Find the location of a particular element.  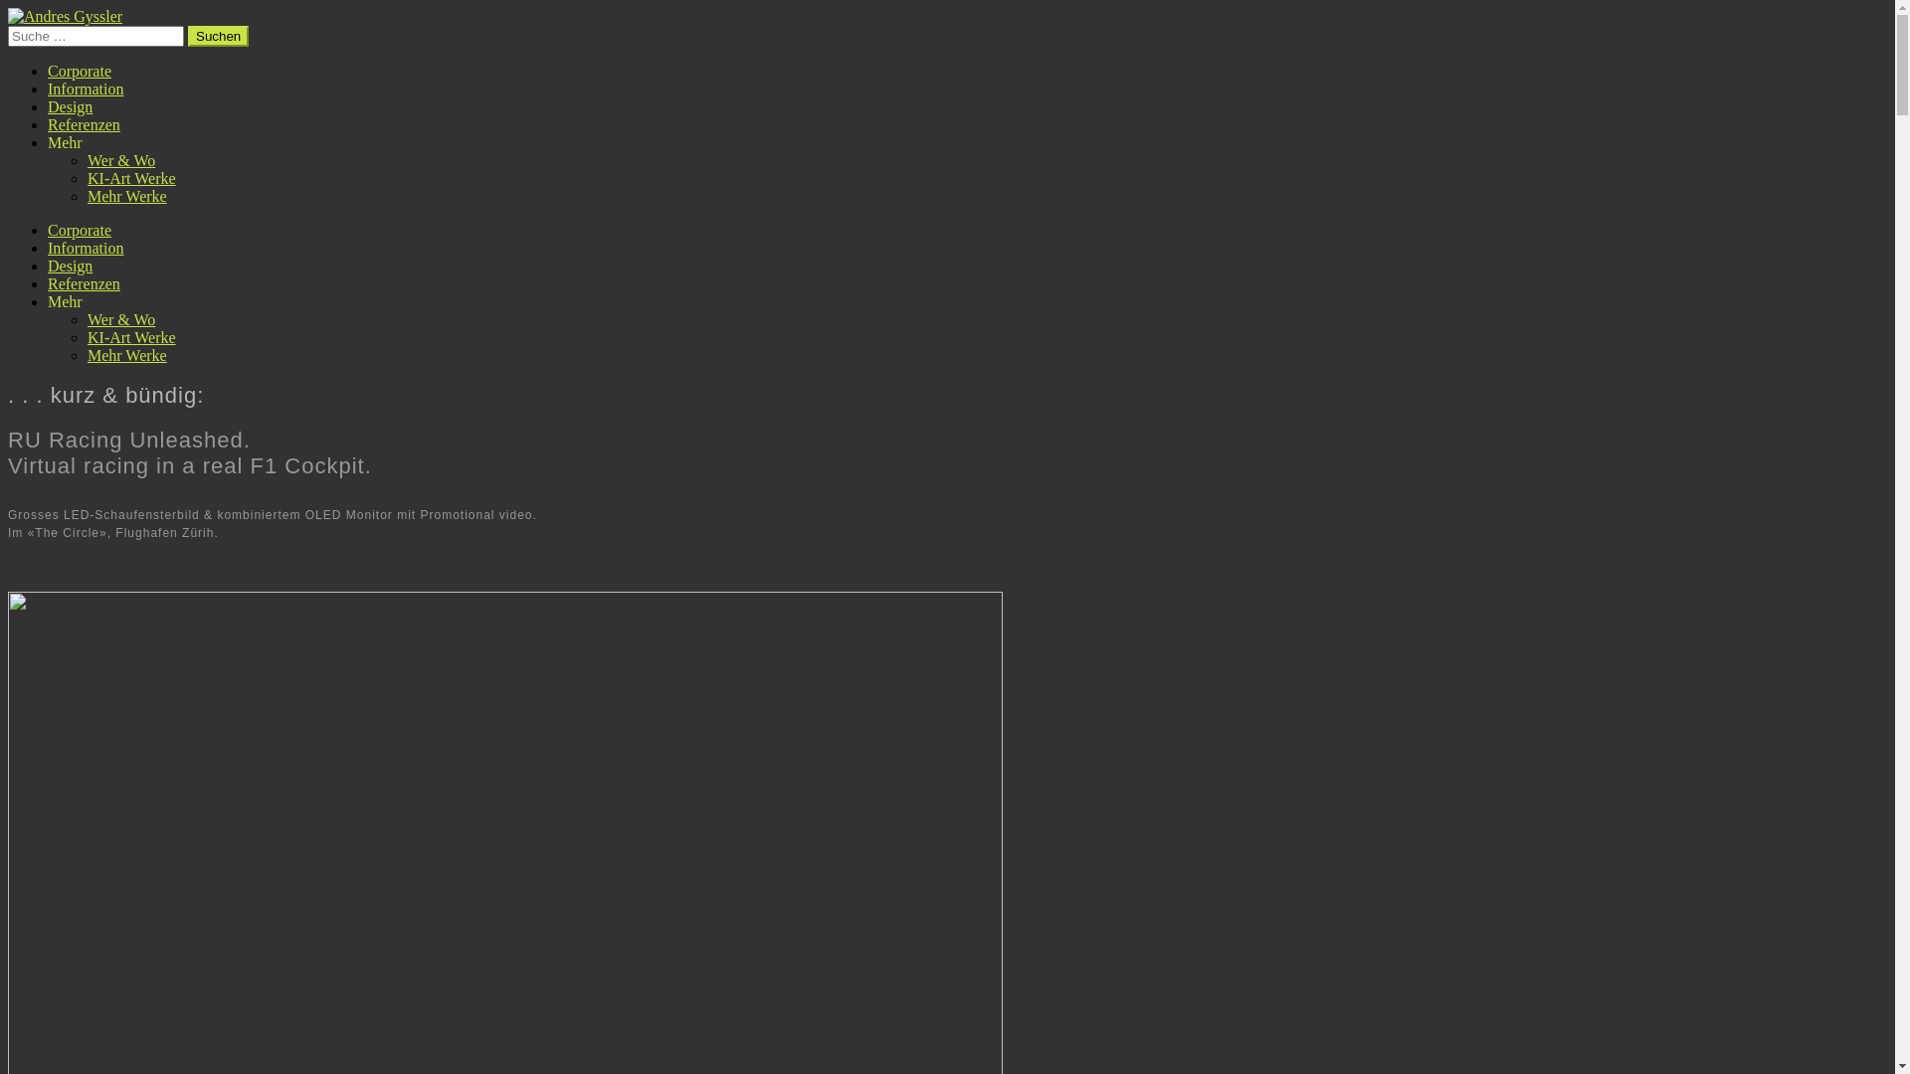

'Design' is located at coordinates (70, 265).